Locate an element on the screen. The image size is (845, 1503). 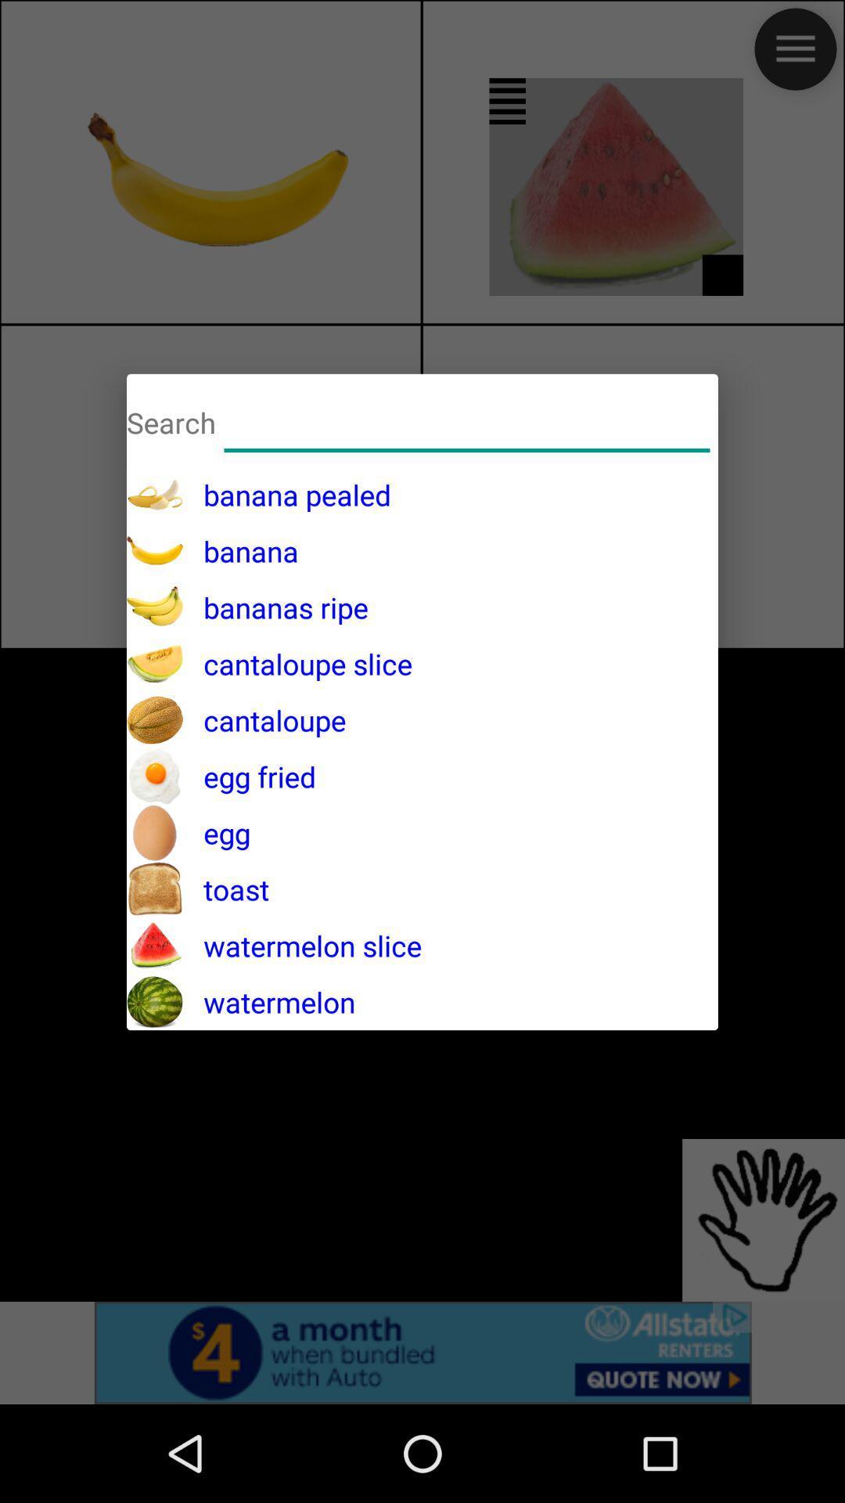
egg fried icon is located at coordinates (249, 777).